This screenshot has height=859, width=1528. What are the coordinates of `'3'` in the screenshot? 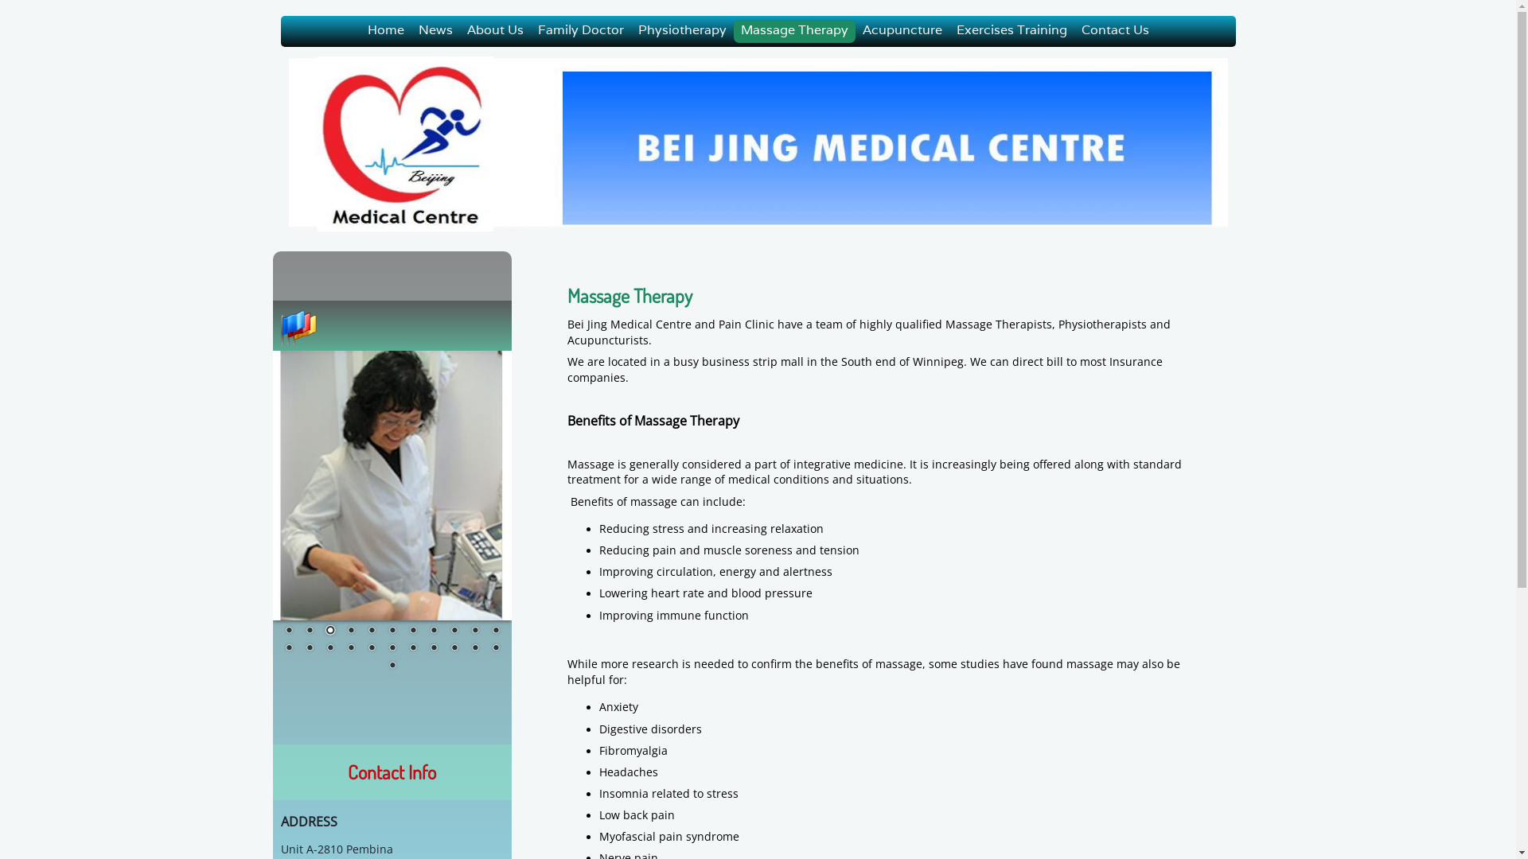 It's located at (329, 631).